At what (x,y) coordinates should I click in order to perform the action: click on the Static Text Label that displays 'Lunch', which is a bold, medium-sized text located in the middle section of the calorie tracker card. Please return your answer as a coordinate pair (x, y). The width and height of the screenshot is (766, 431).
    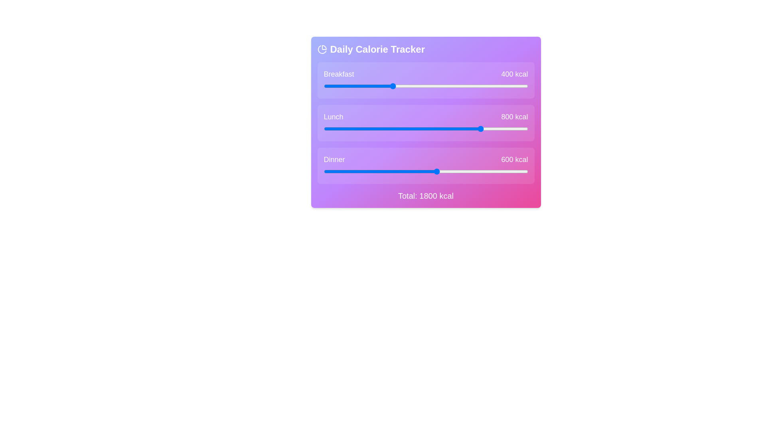
    Looking at the image, I should click on (333, 117).